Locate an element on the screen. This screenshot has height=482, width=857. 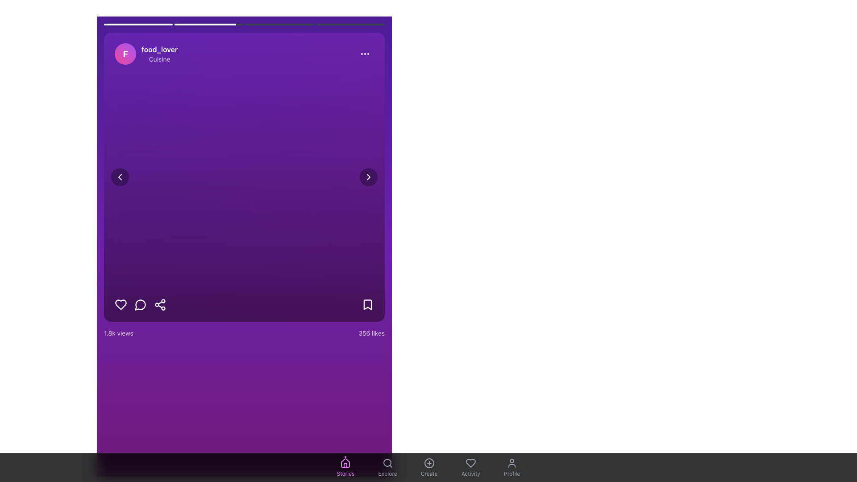
the magnifying glass icon from the bottom navigation bar is located at coordinates (387, 462).